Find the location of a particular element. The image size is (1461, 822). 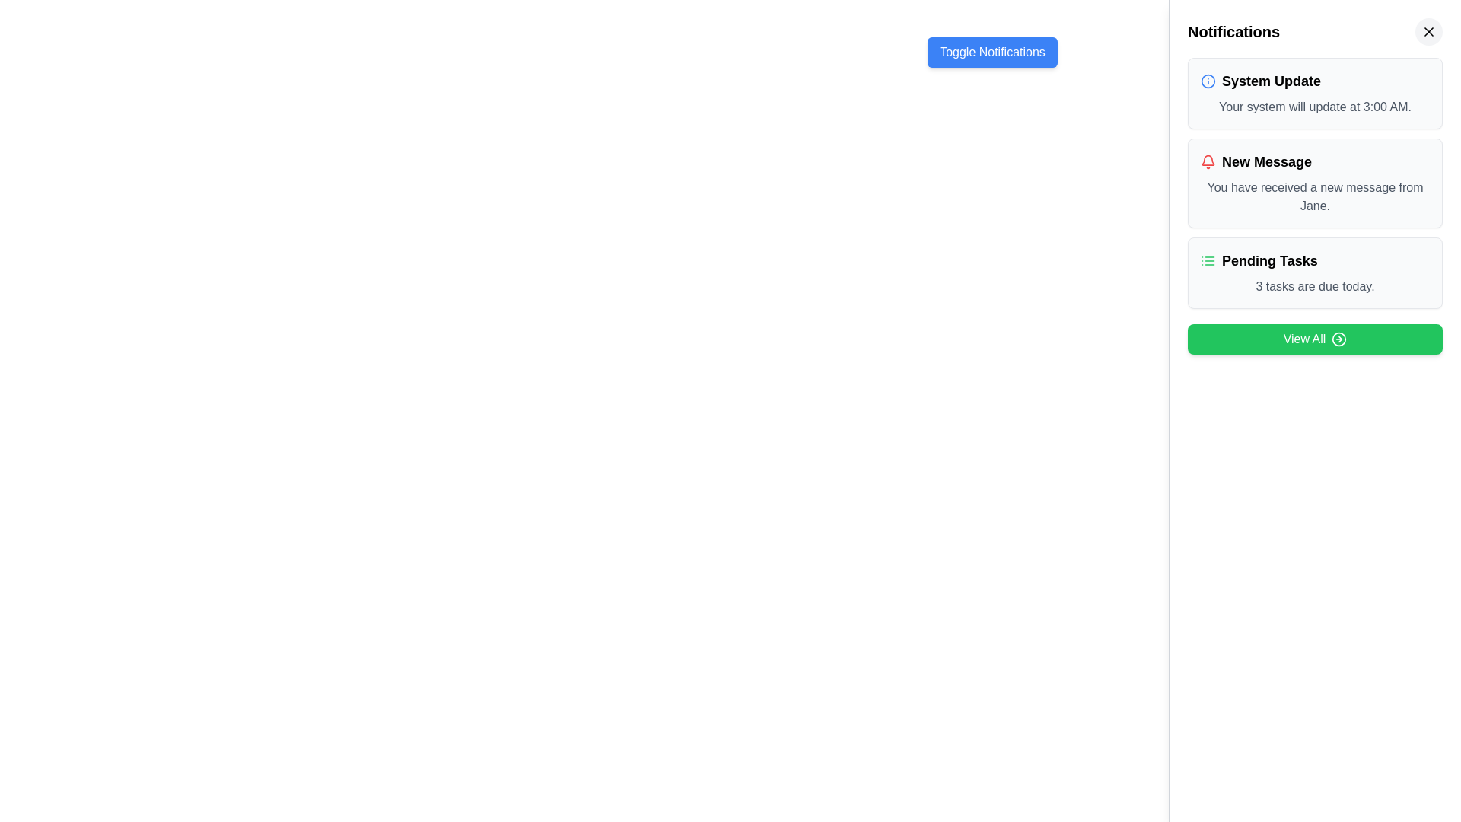

the blue rectangular button with rounded corners labeled 'Toggle Notifications' is located at coordinates (992, 52).